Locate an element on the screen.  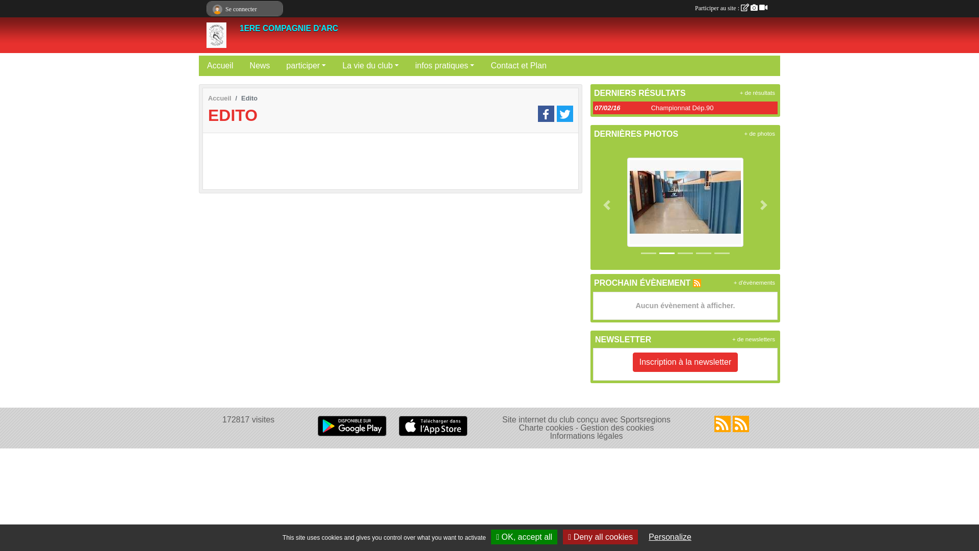
'07/02/16' is located at coordinates (607, 108).